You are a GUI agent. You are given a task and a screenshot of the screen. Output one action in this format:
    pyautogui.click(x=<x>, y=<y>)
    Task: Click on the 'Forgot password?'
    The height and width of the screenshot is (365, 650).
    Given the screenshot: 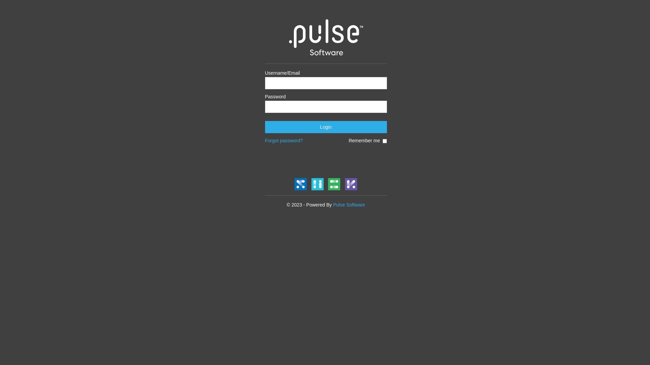 What is the action you would take?
    pyautogui.click(x=284, y=140)
    